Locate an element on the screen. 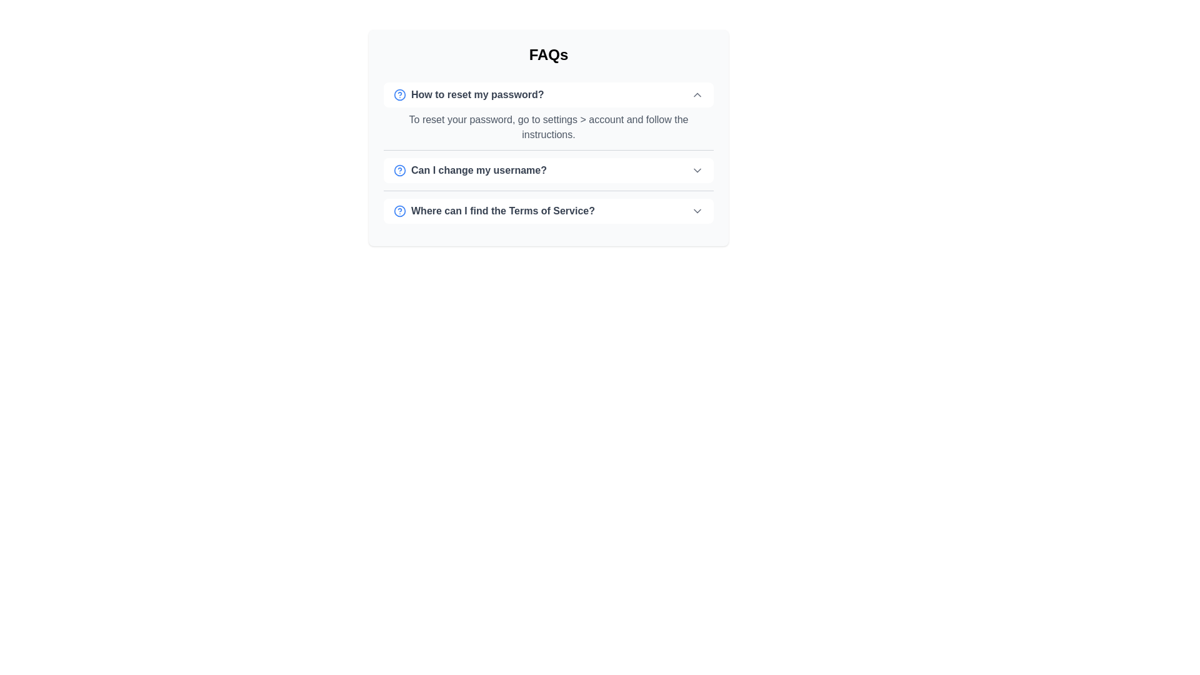  the third interactive Collapsible Question Item in the FAQ list is located at coordinates (549, 210).